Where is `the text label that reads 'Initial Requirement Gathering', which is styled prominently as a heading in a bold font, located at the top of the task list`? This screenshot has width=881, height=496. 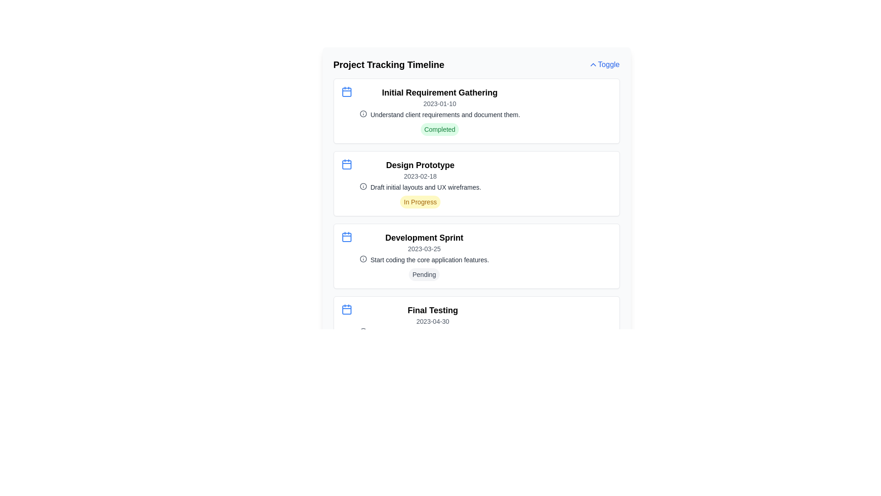 the text label that reads 'Initial Requirement Gathering', which is styled prominently as a heading in a bold font, located at the top of the task list is located at coordinates (439, 92).